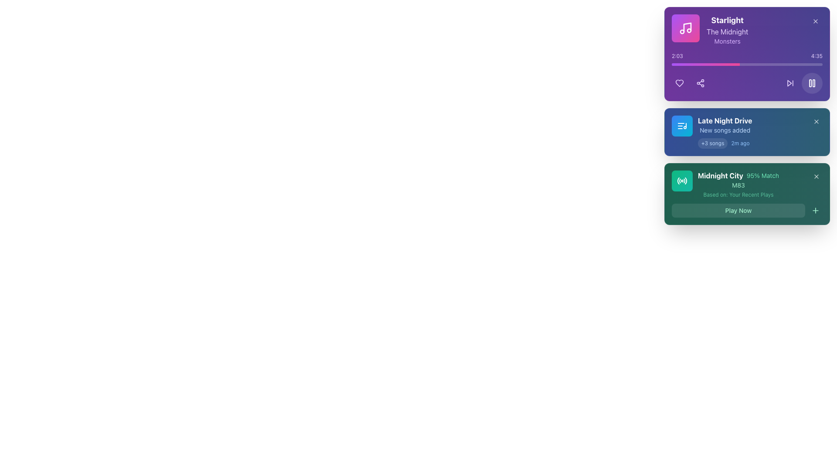  Describe the element at coordinates (746, 184) in the screenshot. I see `the Information card that summarizes music recommendations, which is the third card in a vertical stack of music-themed cards positioned to the right of the interface` at that location.